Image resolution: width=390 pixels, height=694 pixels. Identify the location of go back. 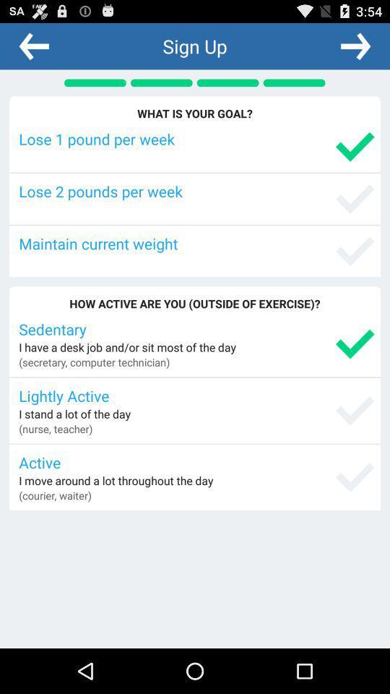
(34, 46).